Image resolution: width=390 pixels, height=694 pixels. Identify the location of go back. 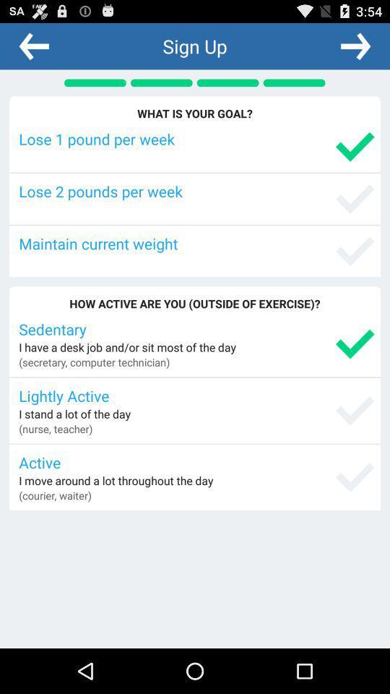
(34, 46).